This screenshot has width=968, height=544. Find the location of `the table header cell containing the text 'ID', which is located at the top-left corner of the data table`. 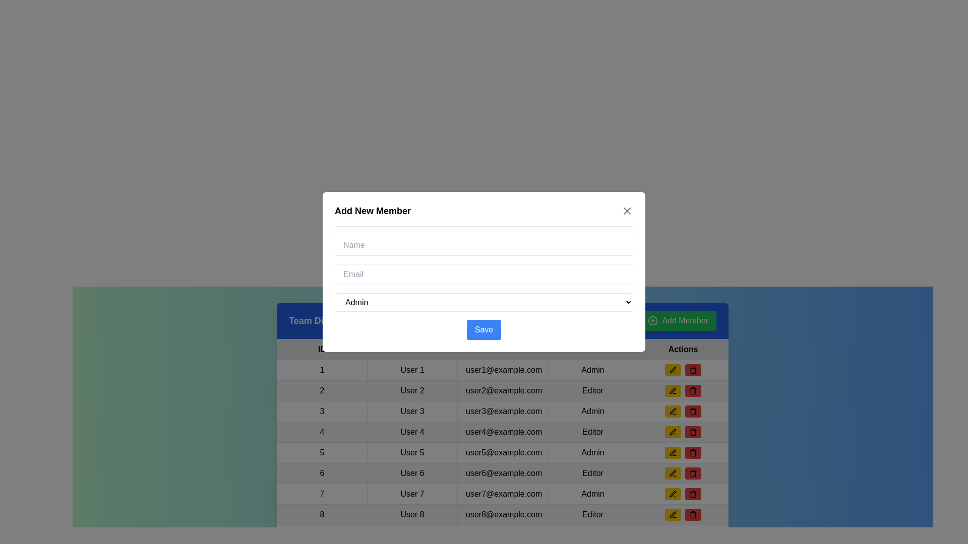

the table header cell containing the text 'ID', which is located at the top-left corner of the data table is located at coordinates (321, 349).